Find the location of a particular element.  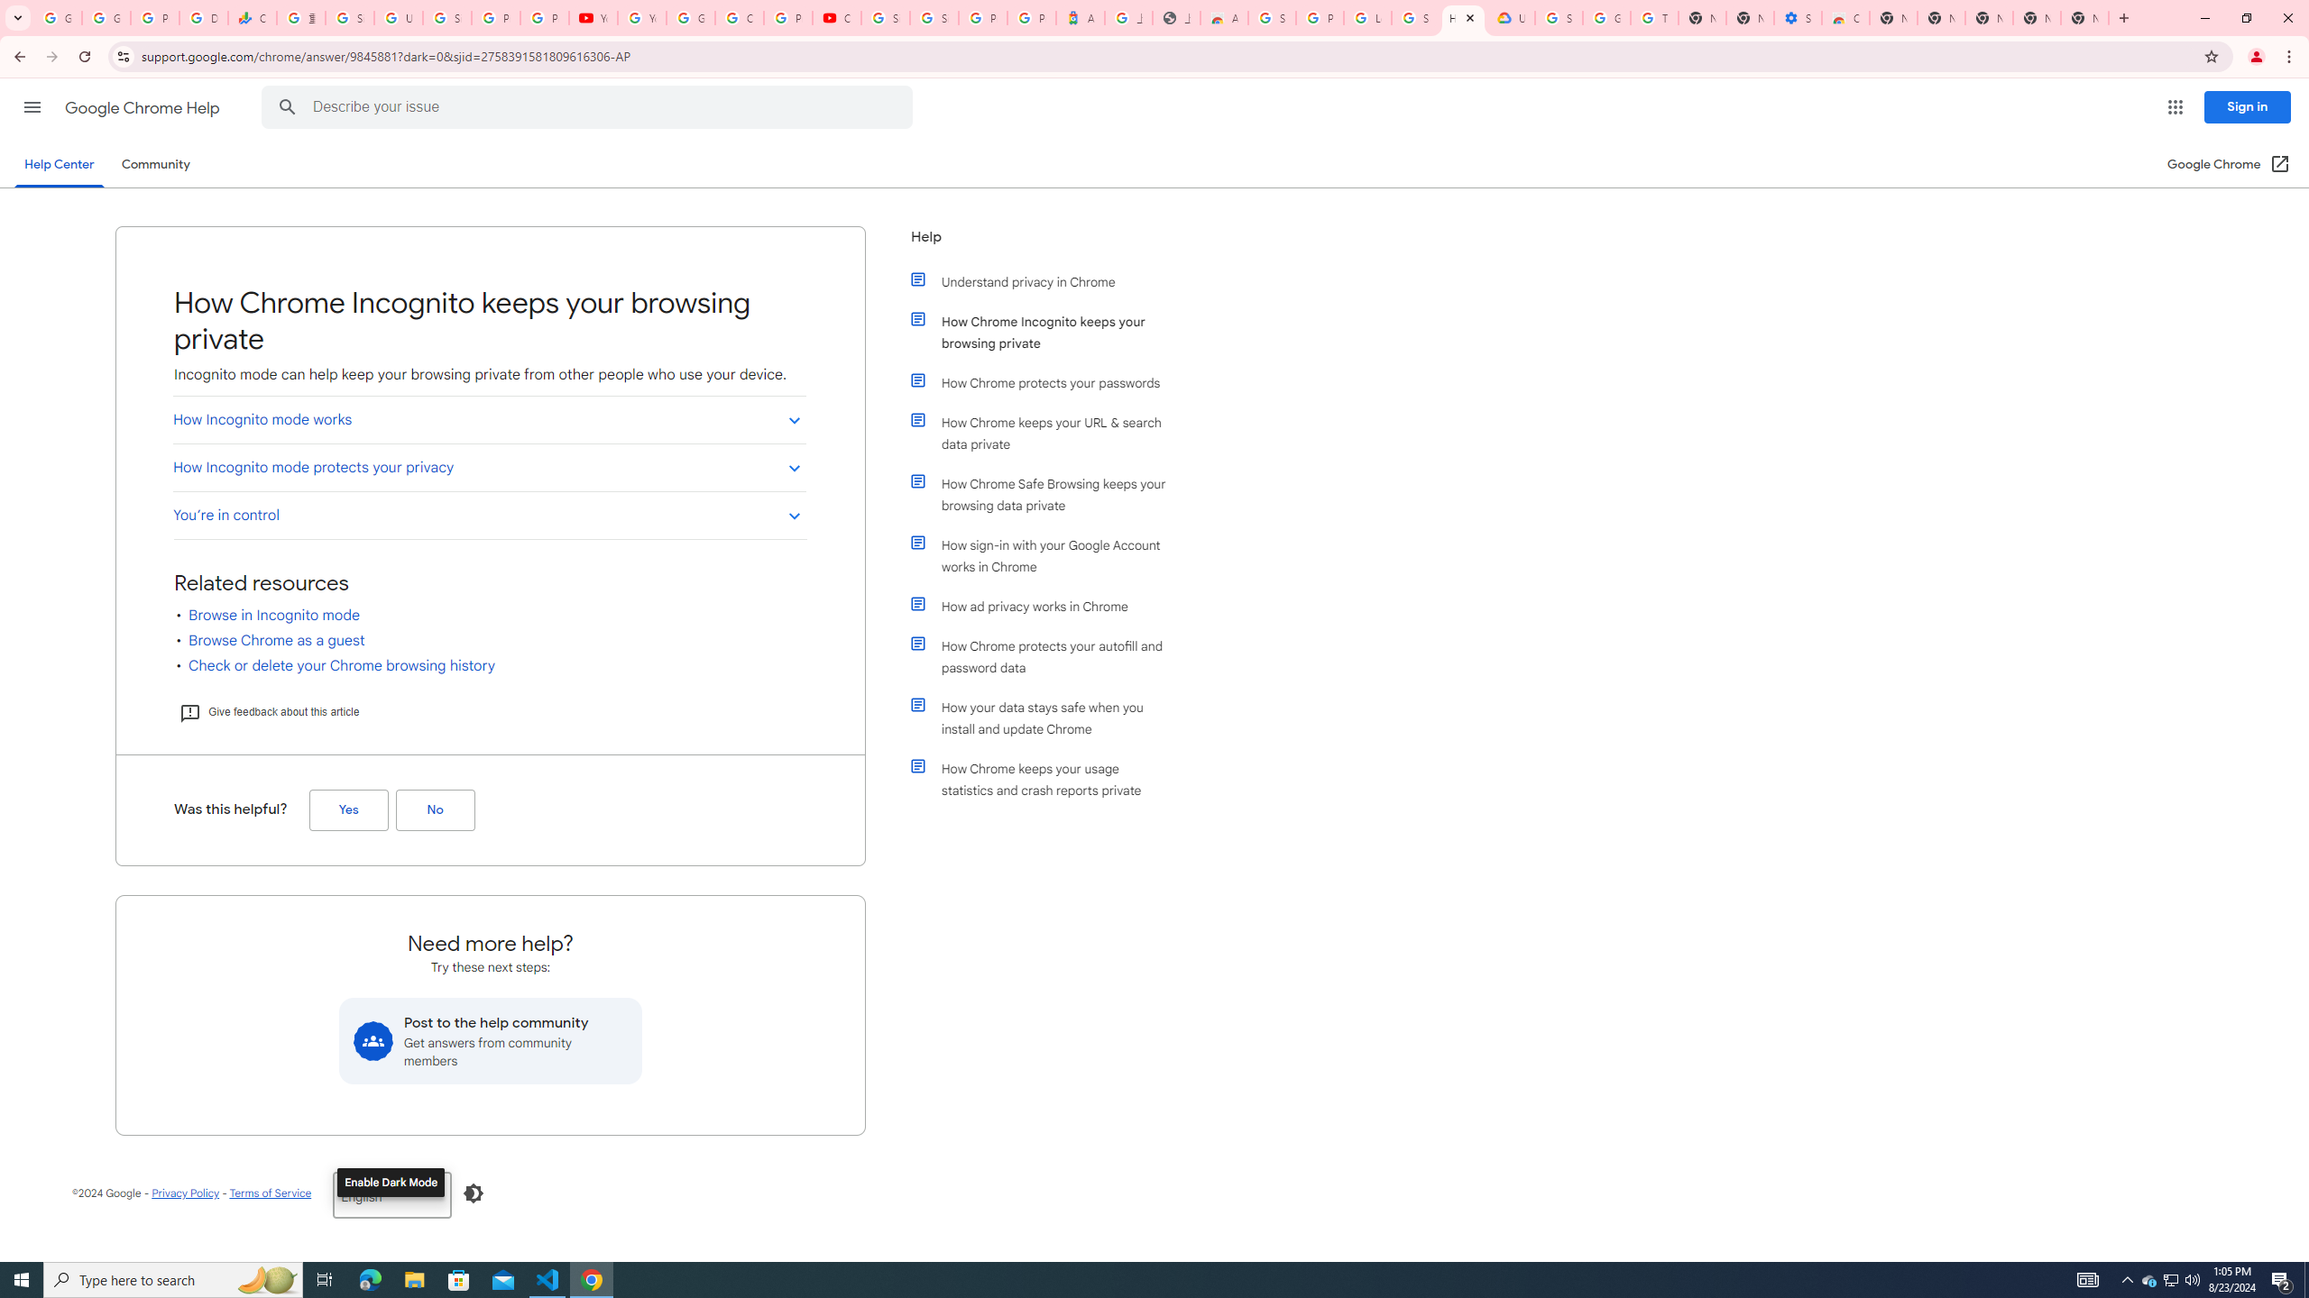

'How Incognito mode protects your privacy' is located at coordinates (489, 466).